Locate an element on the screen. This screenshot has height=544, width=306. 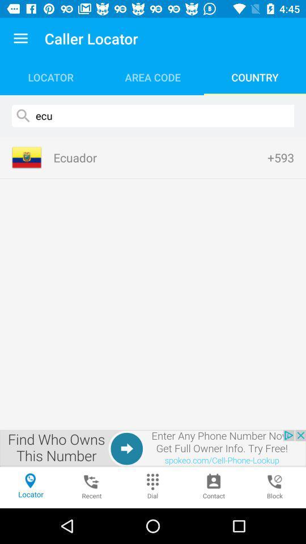
banner advertisement for spokeo is located at coordinates (153, 448).